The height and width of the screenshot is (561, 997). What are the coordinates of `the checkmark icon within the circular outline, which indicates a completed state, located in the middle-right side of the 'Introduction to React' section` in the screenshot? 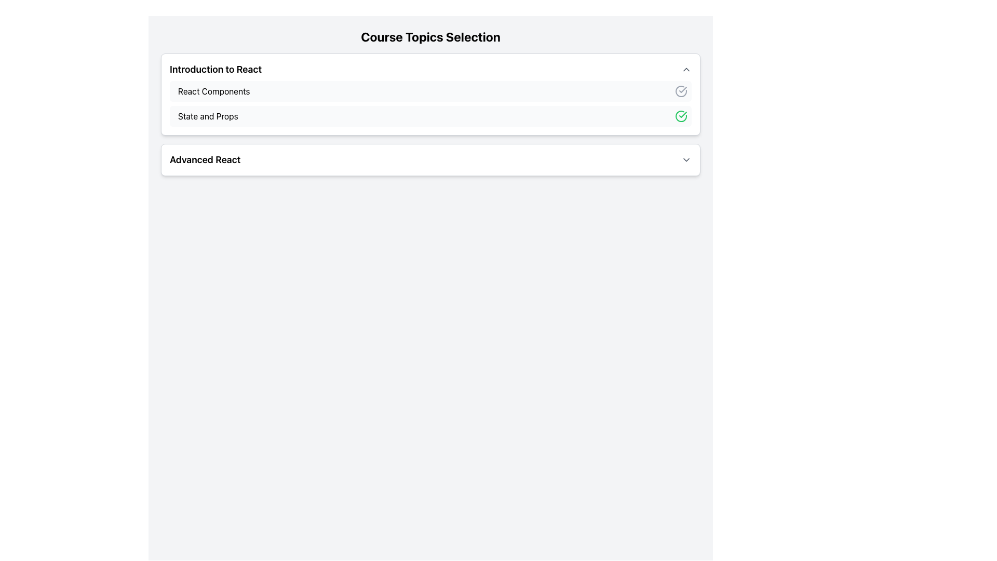 It's located at (683, 89).